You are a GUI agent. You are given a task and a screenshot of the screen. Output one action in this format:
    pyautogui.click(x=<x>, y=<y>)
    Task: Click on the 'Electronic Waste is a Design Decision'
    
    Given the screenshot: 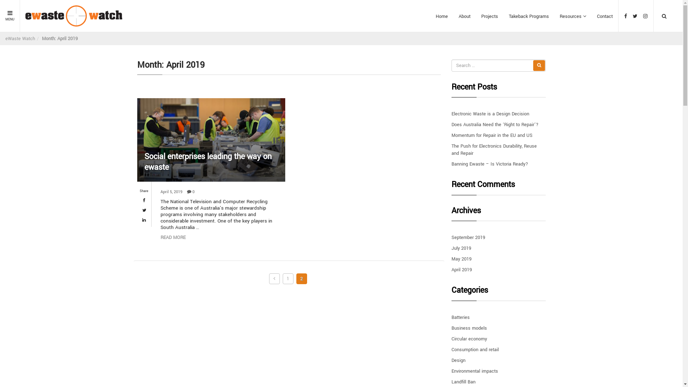 What is the action you would take?
    pyautogui.click(x=490, y=113)
    